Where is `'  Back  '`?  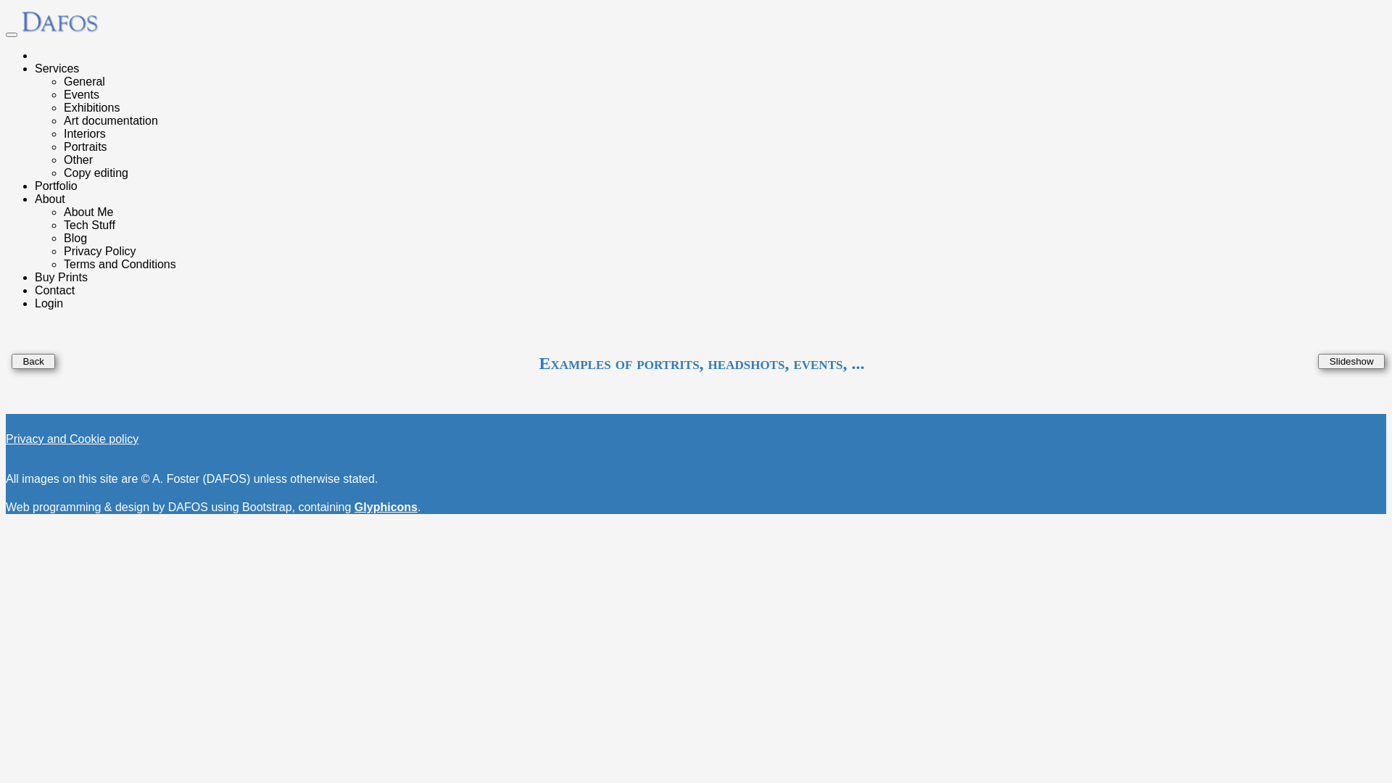
'  Back  ' is located at coordinates (33, 360).